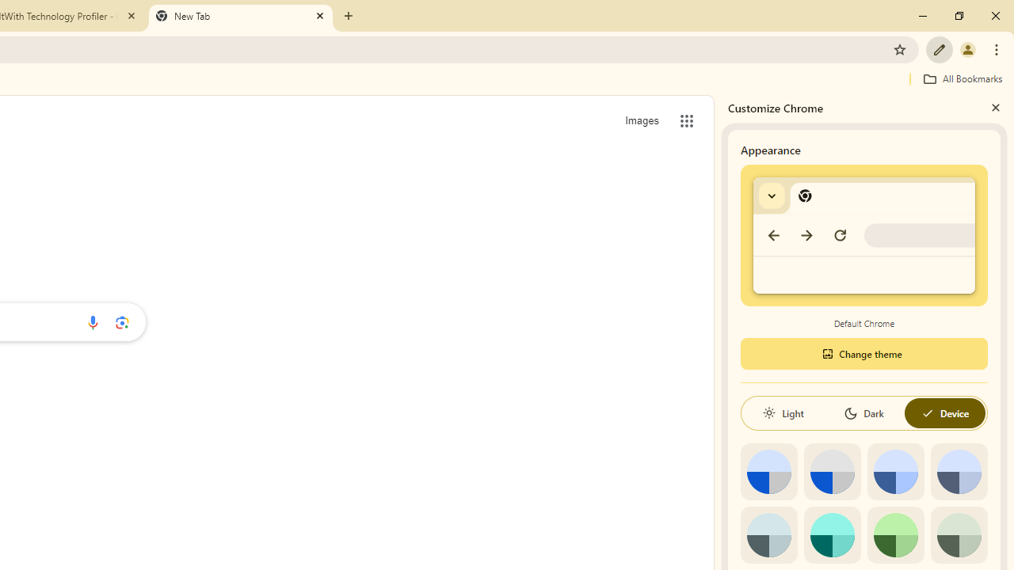  I want to click on 'Aqua', so click(831, 534).